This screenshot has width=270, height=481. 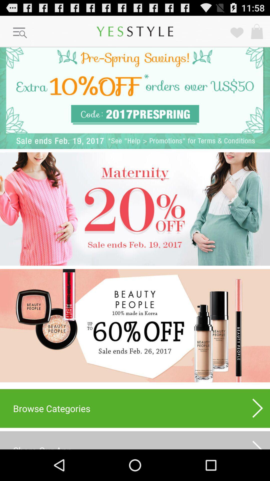 What do you see at coordinates (135, 209) in the screenshot?
I see `open this announce` at bounding box center [135, 209].